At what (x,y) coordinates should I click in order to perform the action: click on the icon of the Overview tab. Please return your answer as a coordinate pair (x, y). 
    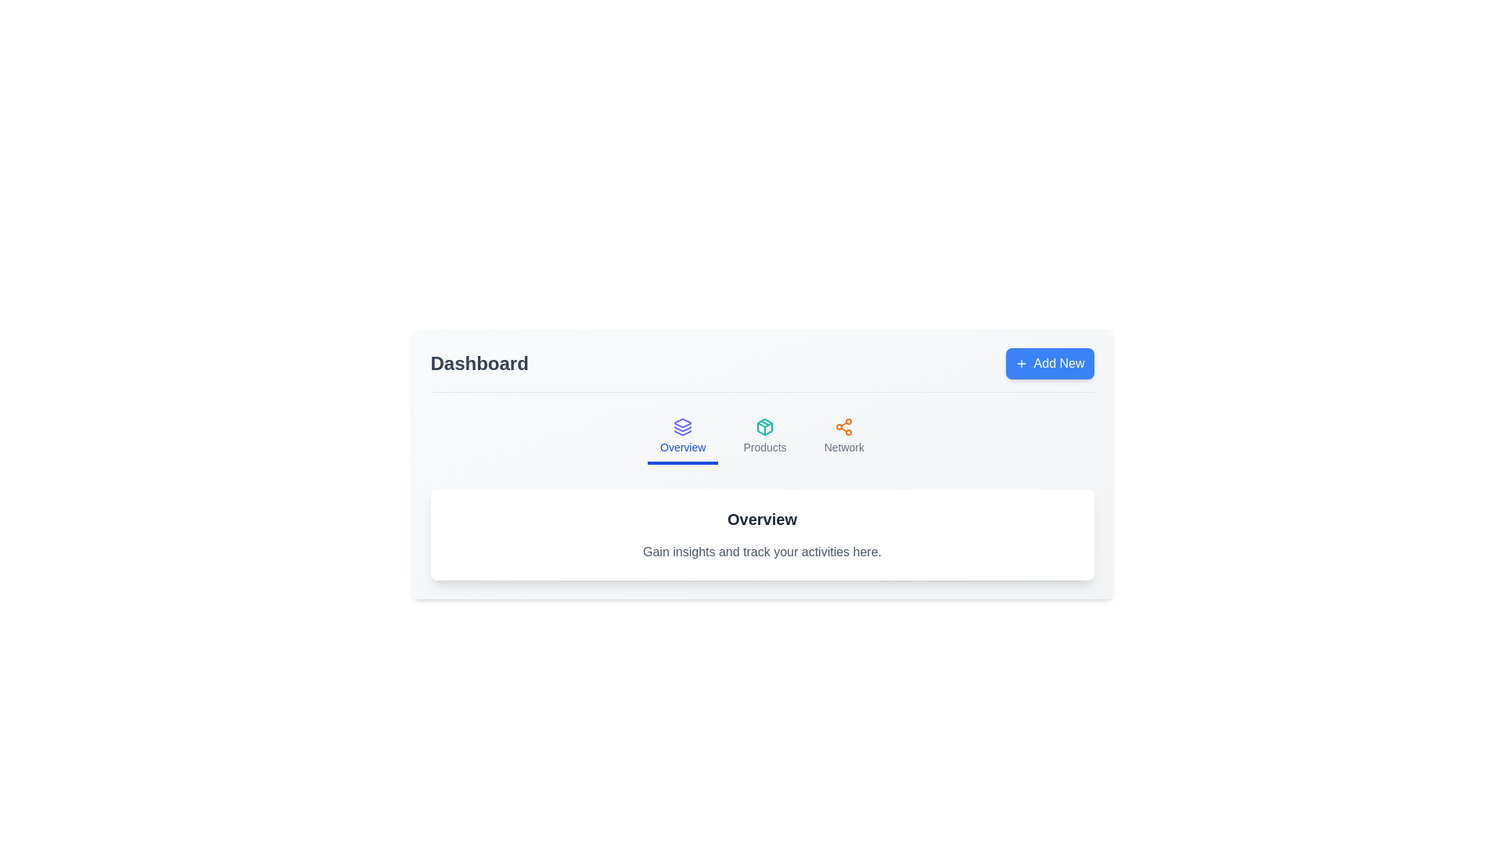
    Looking at the image, I should click on (683, 427).